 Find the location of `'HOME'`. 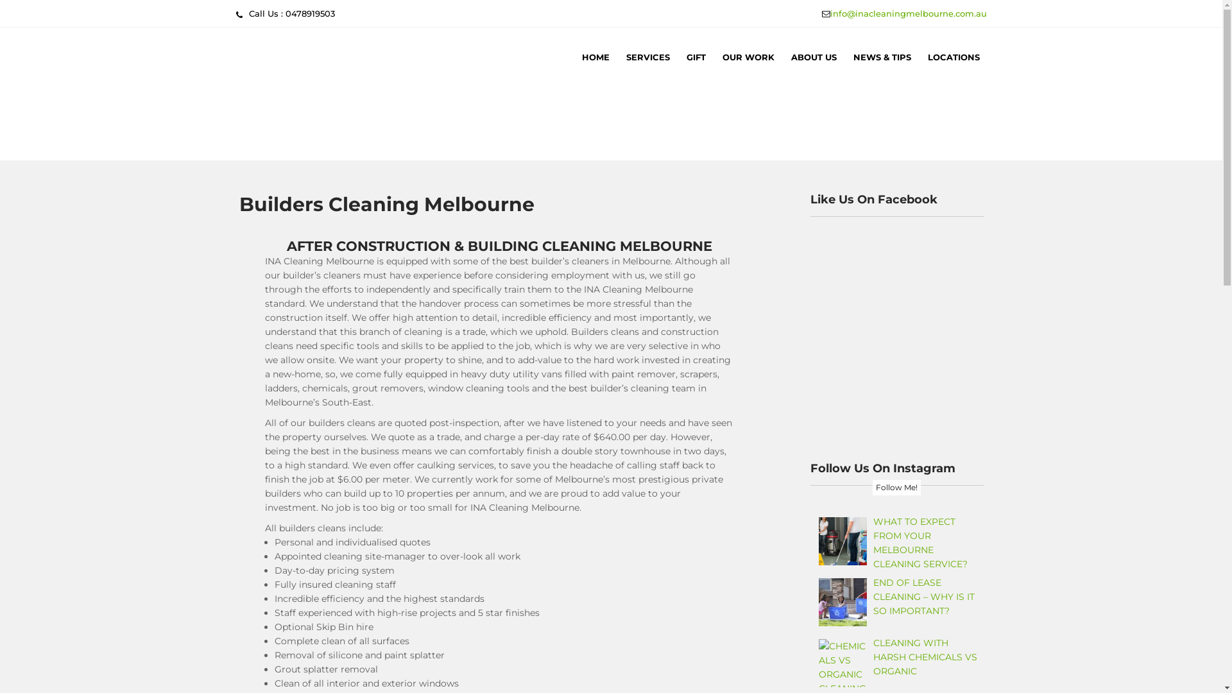

'HOME' is located at coordinates (595, 56).